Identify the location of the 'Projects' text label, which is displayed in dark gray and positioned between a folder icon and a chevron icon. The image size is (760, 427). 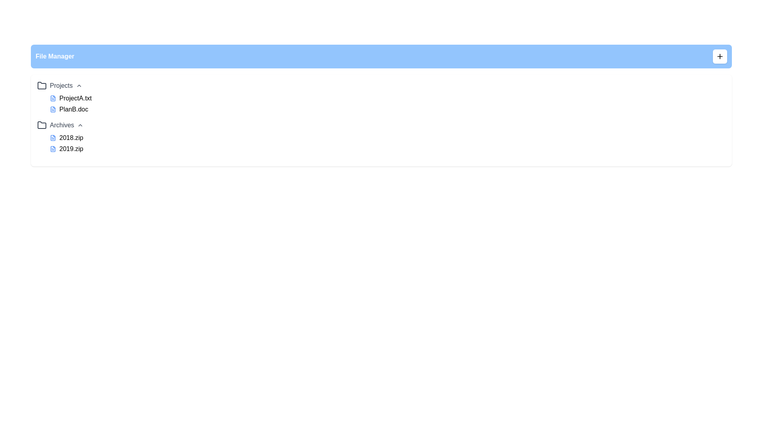
(61, 85).